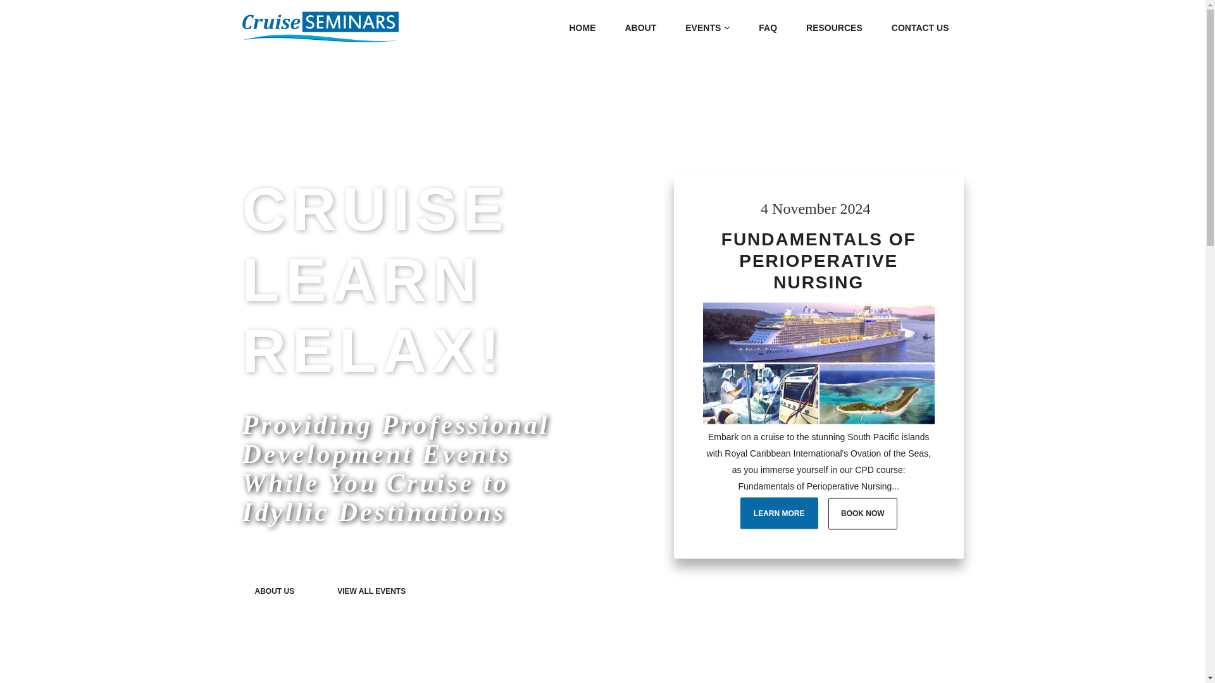  Describe the element at coordinates (740, 512) in the screenshot. I see `'LEARN MORE'` at that location.